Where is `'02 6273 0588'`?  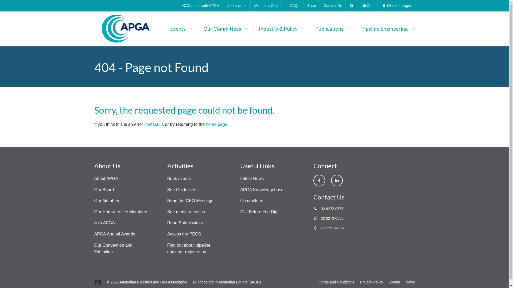
'02 6273 0588' is located at coordinates (328, 218).